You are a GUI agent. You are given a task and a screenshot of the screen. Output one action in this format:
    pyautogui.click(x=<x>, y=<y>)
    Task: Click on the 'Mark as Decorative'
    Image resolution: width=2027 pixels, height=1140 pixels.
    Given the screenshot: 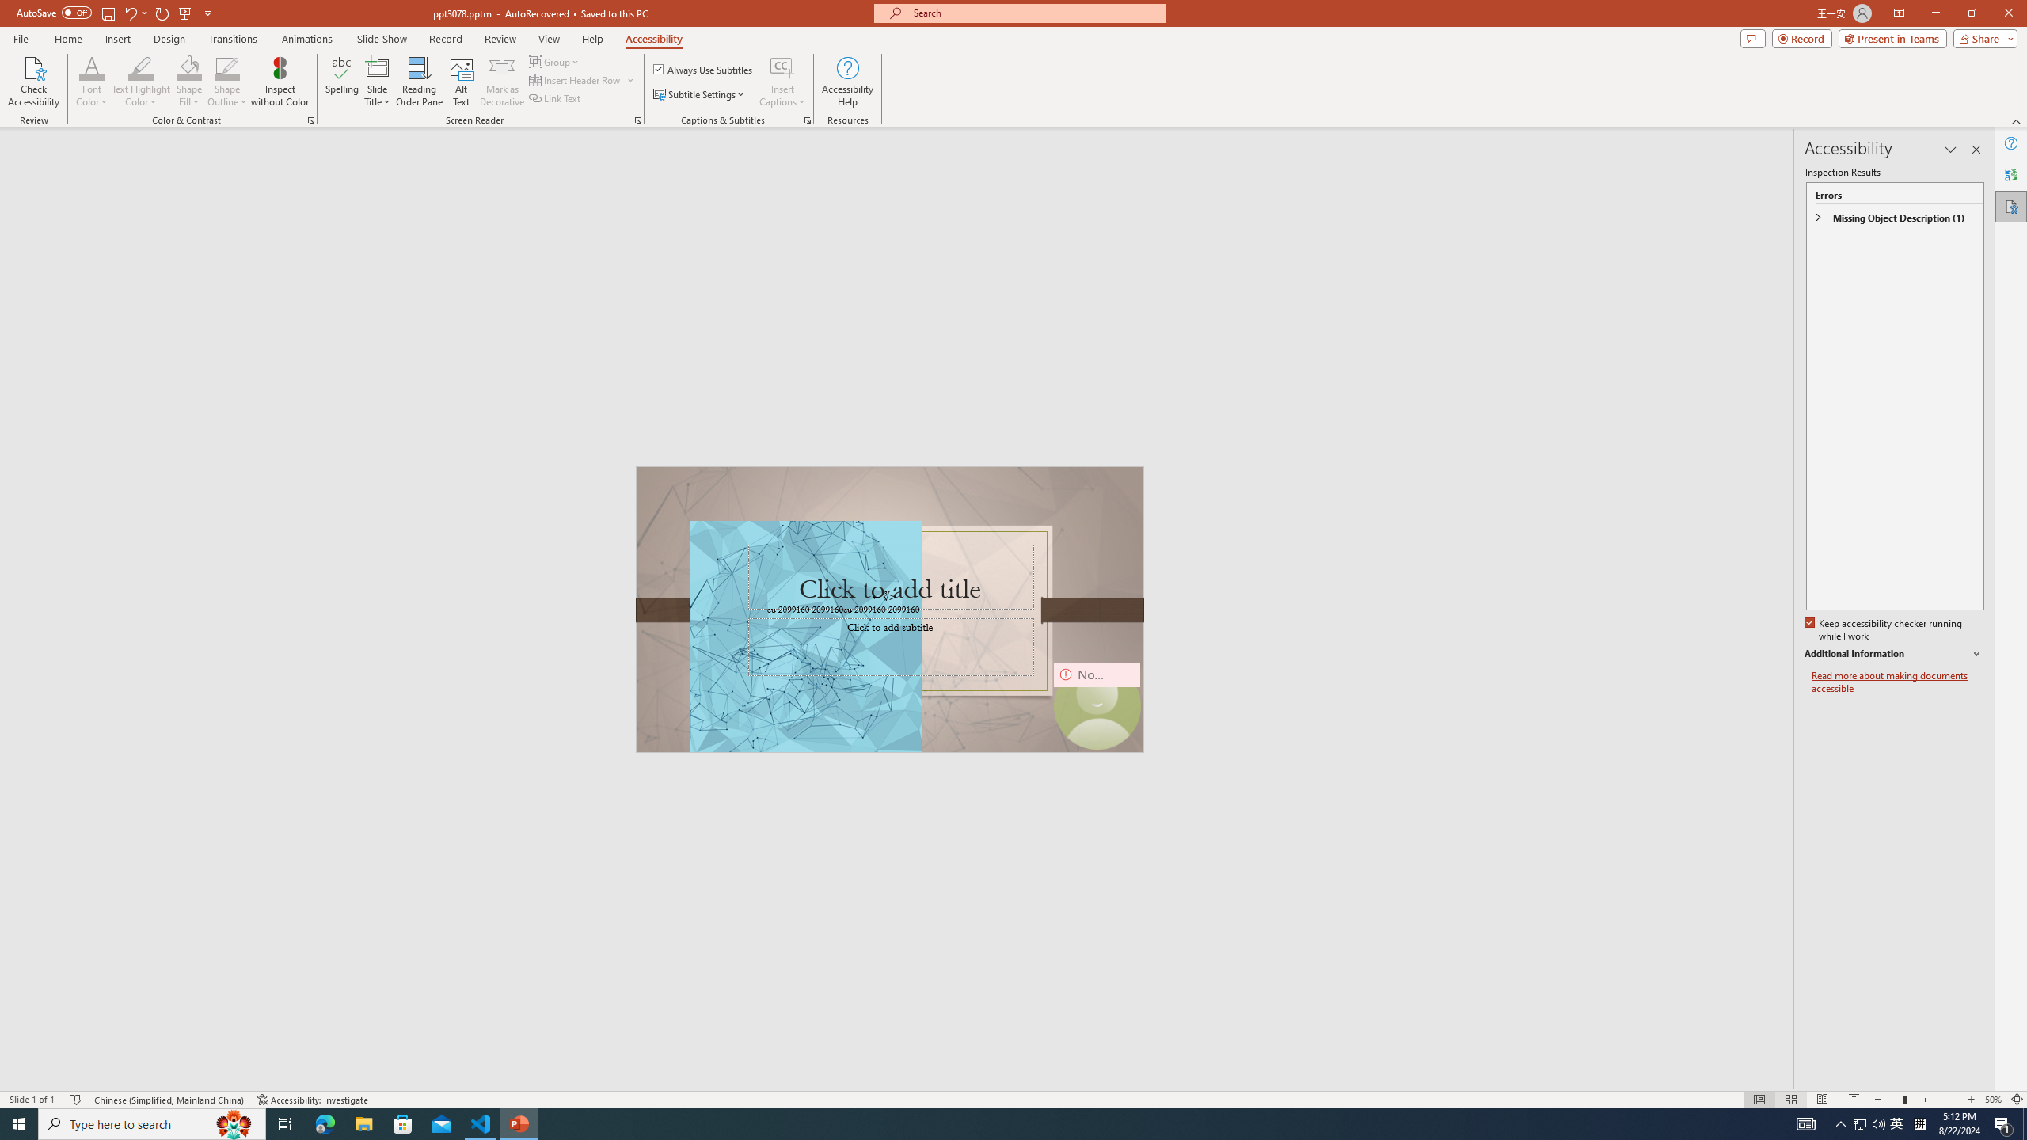 What is the action you would take?
    pyautogui.click(x=501, y=82)
    